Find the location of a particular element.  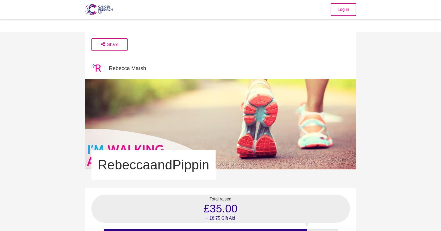

'Gift Aid' is located at coordinates (228, 218).